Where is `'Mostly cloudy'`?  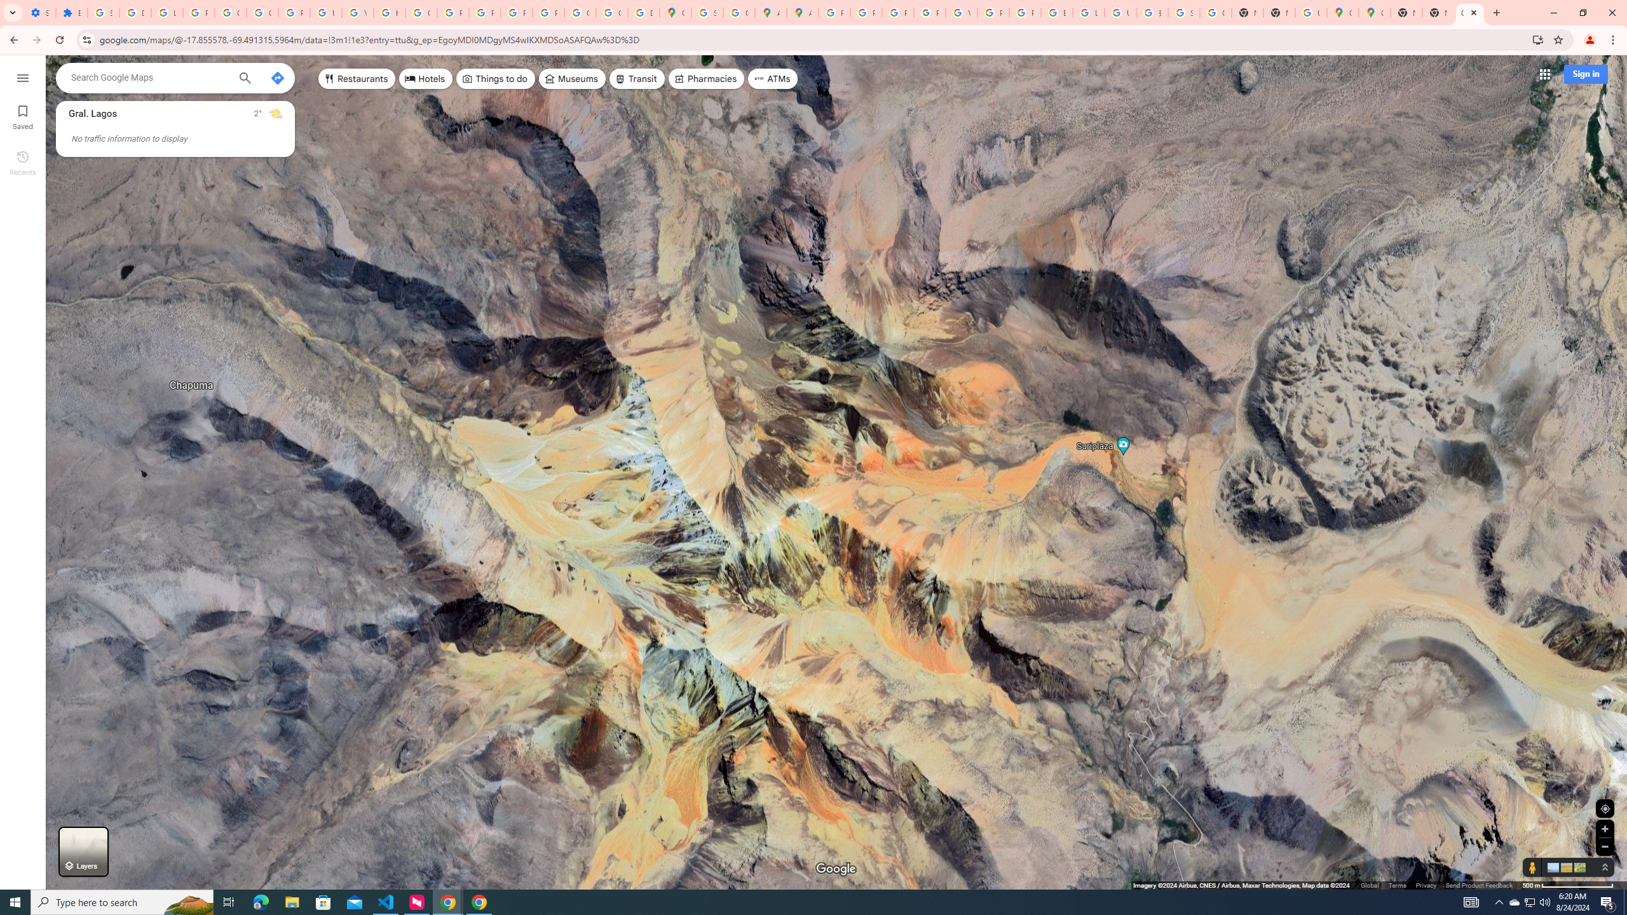
'Mostly cloudy' is located at coordinates (275, 114).